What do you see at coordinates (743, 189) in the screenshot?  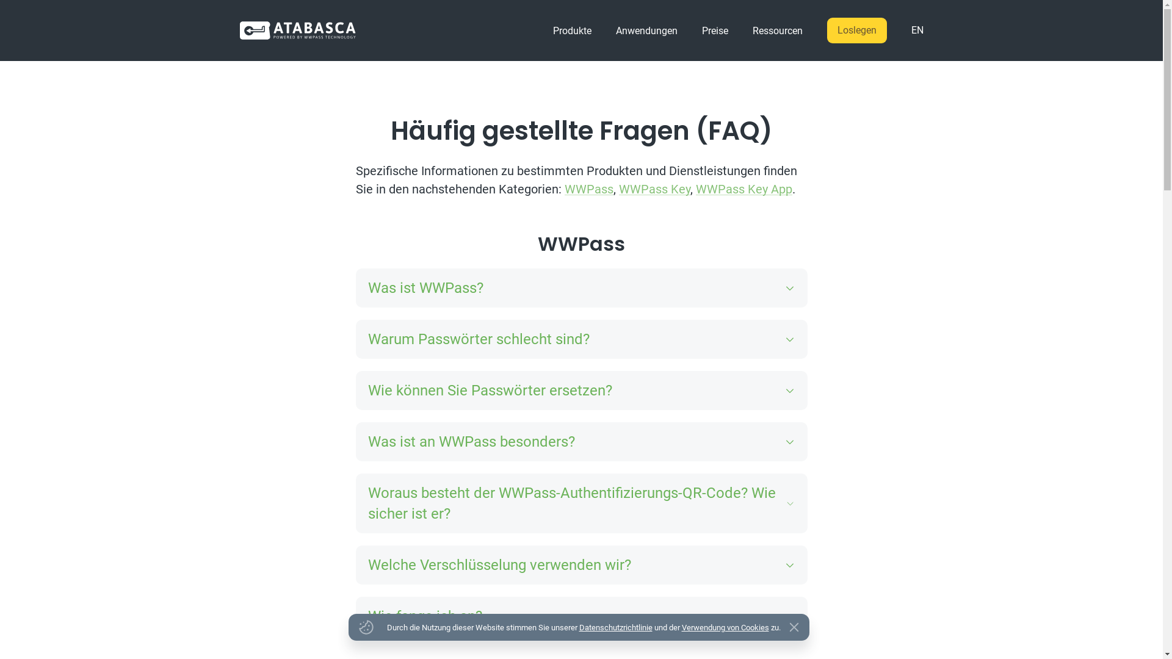 I see `'WWPass Key App'` at bounding box center [743, 189].